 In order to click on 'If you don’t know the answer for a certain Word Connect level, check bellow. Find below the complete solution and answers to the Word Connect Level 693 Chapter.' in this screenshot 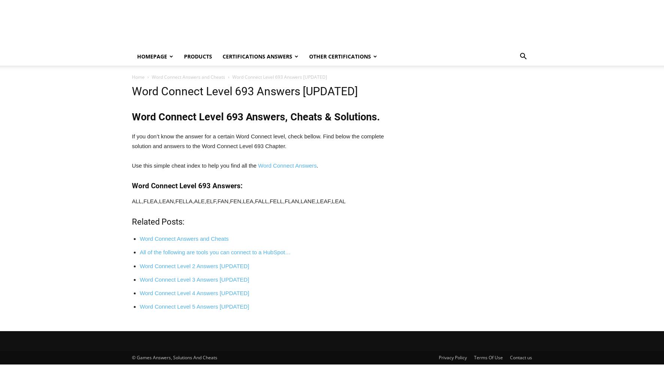, I will do `click(132, 141)`.